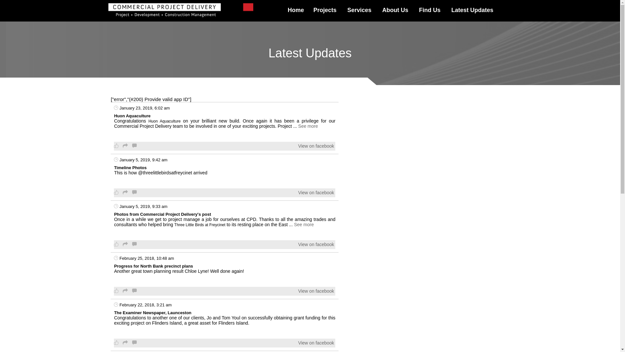  I want to click on 'Photos from Commercial Project Delivery's post', so click(162, 214).